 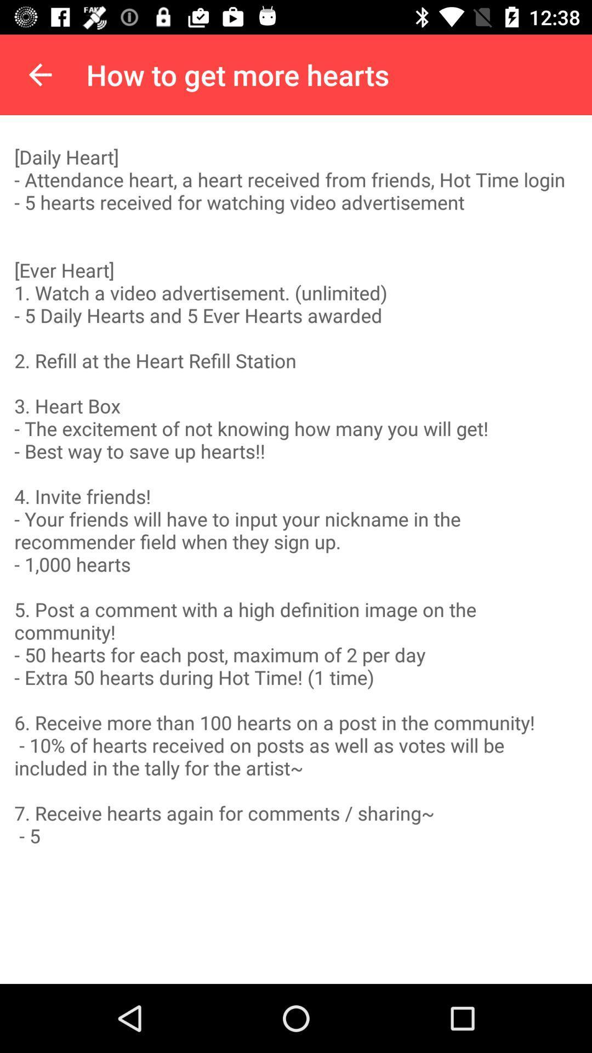 What do you see at coordinates (39, 74) in the screenshot?
I see `the icon at the top left corner` at bounding box center [39, 74].